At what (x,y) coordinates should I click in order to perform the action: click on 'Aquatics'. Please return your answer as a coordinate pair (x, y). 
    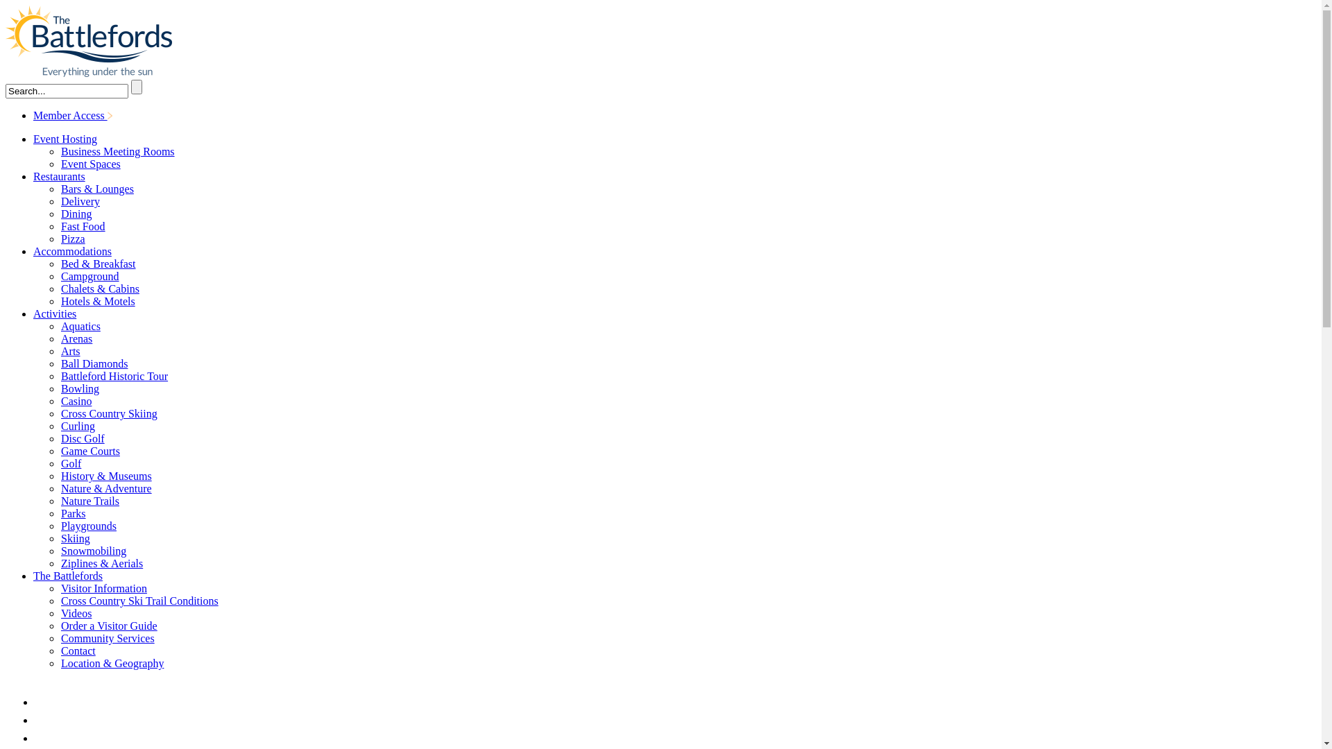
    Looking at the image, I should click on (60, 326).